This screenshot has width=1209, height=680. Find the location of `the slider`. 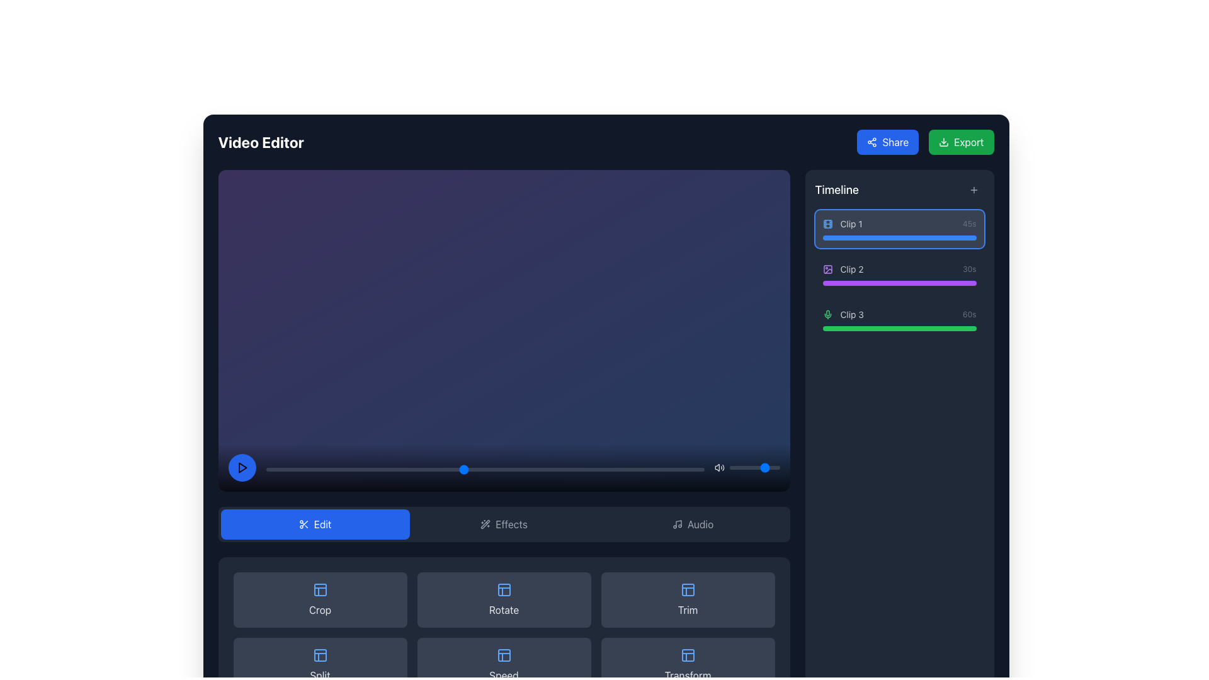

the slider is located at coordinates (752, 467).